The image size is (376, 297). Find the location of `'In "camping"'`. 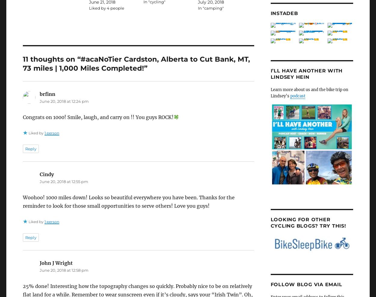

'In "camping"' is located at coordinates (210, 7).